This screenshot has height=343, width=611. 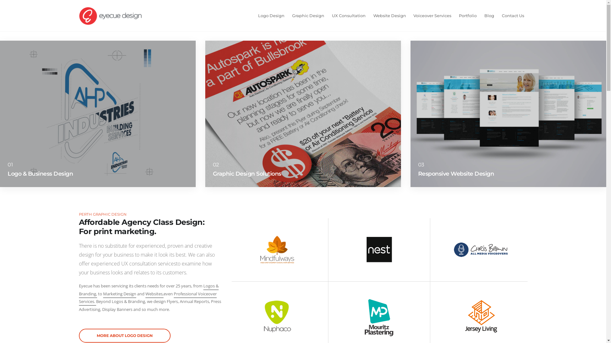 What do you see at coordinates (513, 16) in the screenshot?
I see `'Contact Us'` at bounding box center [513, 16].